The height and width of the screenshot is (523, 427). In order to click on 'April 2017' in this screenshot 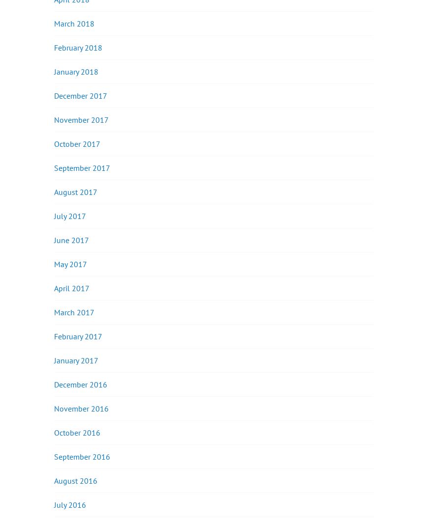, I will do `click(54, 287)`.